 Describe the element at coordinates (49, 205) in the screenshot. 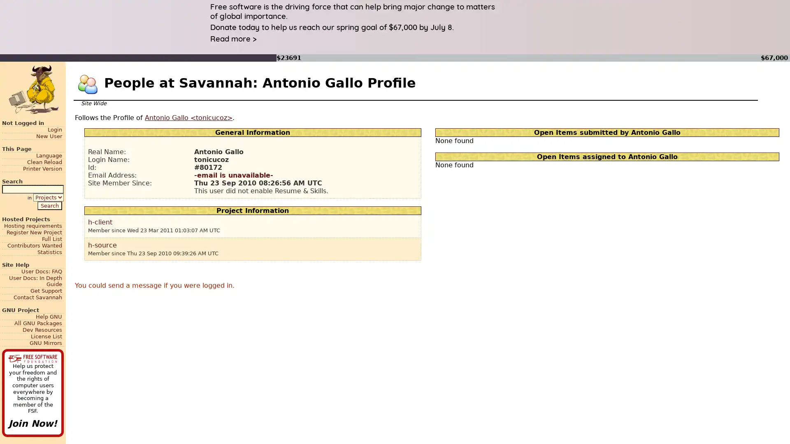

I see `Search` at that location.